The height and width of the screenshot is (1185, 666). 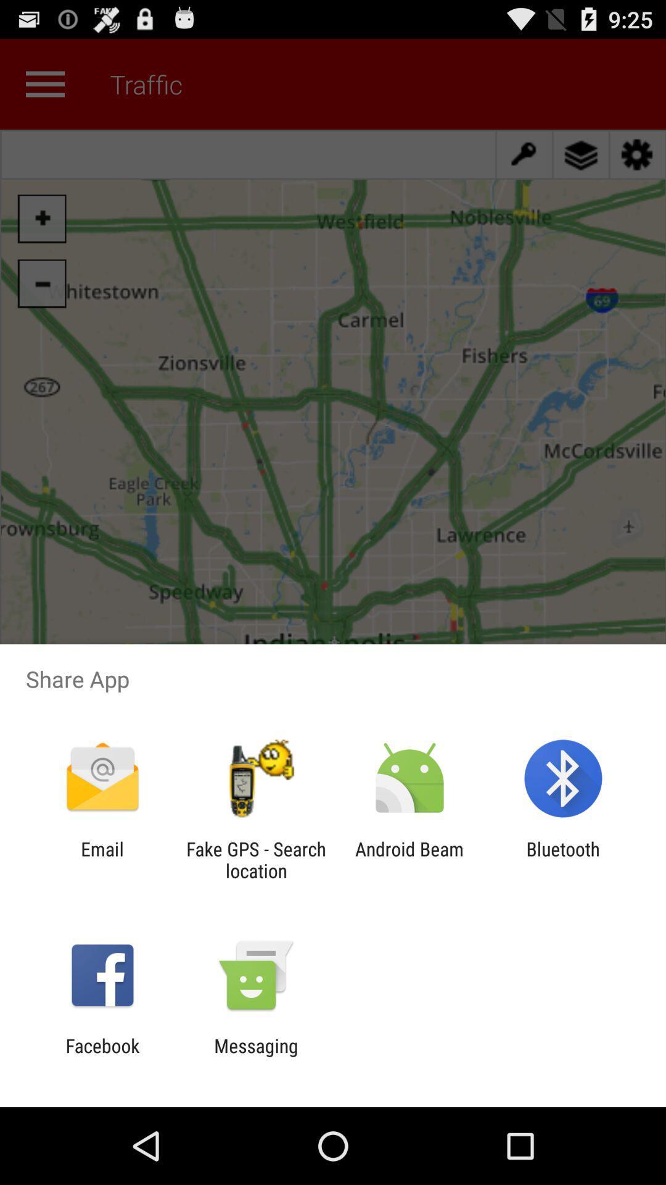 What do you see at coordinates (409, 859) in the screenshot?
I see `the app to the left of the bluetooth icon` at bounding box center [409, 859].